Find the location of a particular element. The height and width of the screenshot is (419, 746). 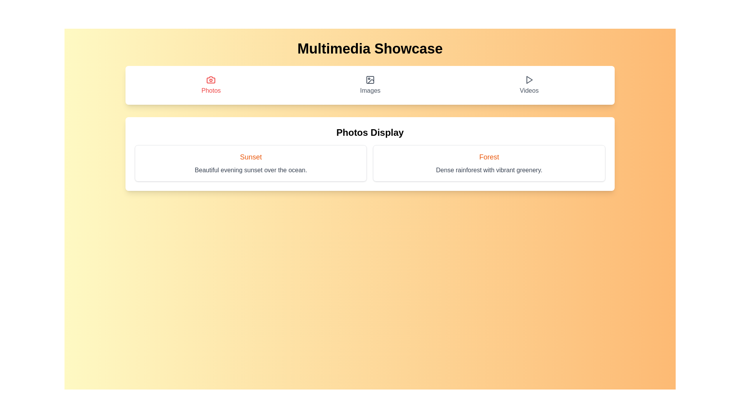

the play icon located to the right of the 'Videos' text label in the top navigation bar is located at coordinates (529, 80).